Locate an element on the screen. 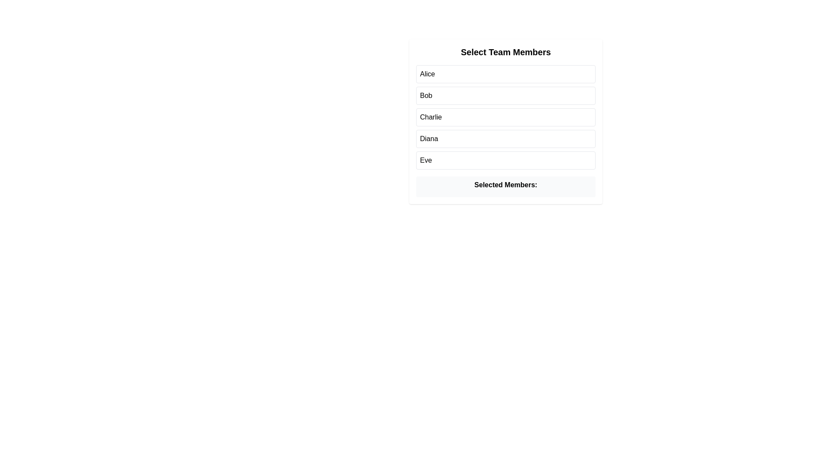  the fourth list item labeled 'Diana' in the vertical list of selectable members is located at coordinates (505, 138).